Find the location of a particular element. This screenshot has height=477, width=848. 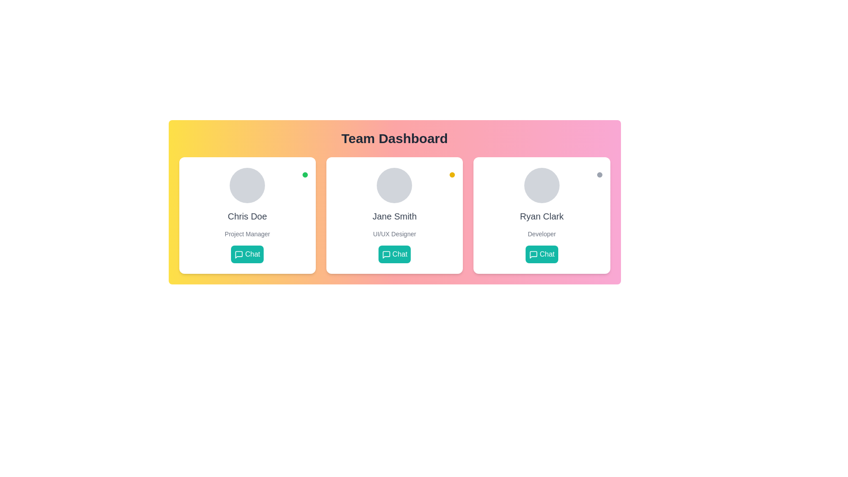

the 'Chat' button icon located at the bottom of Jane Smith's card in the Team Dashboard interface is located at coordinates (386, 254).